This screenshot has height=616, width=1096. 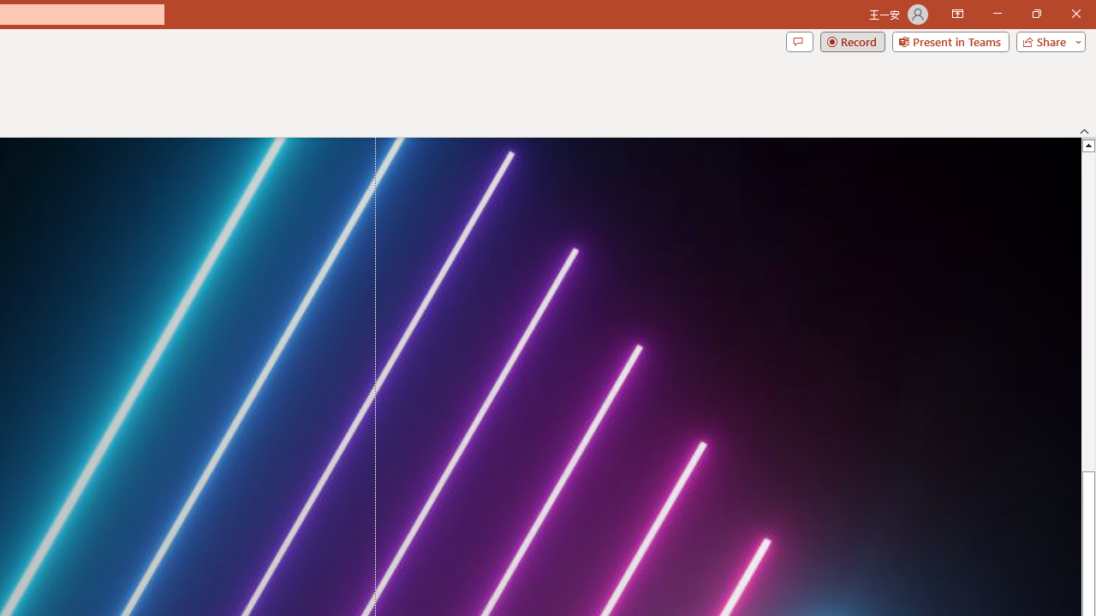 What do you see at coordinates (1075, 14) in the screenshot?
I see `'Close'` at bounding box center [1075, 14].